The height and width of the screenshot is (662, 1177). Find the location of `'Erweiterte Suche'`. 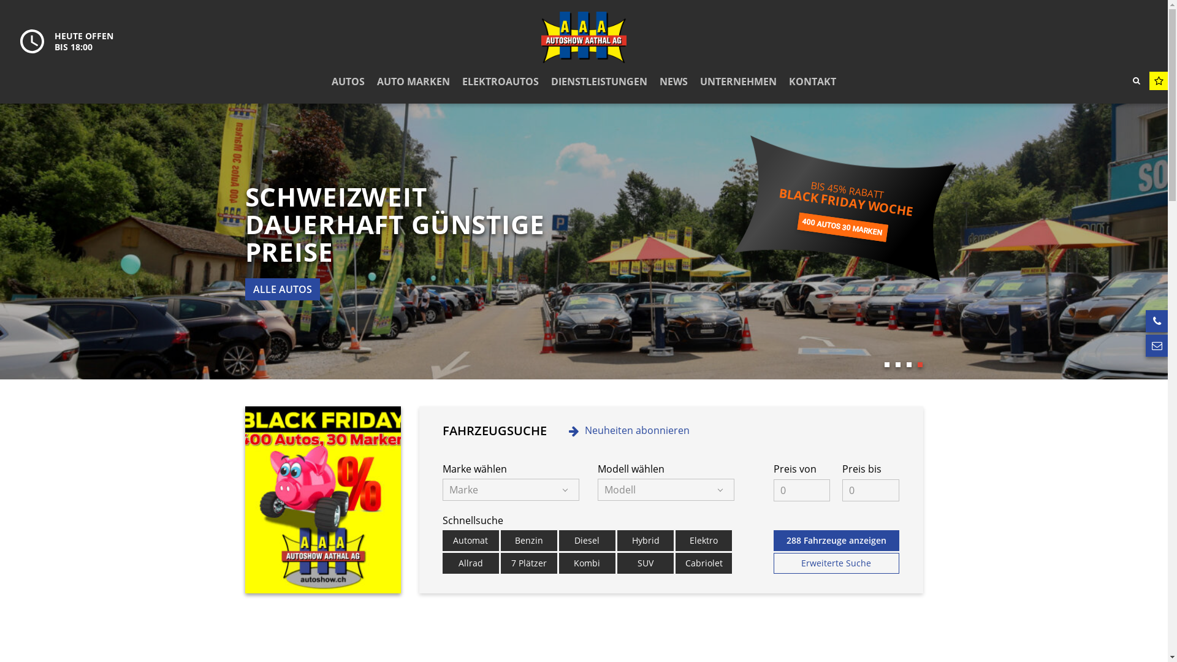

'Erweiterte Suche' is located at coordinates (773, 563).